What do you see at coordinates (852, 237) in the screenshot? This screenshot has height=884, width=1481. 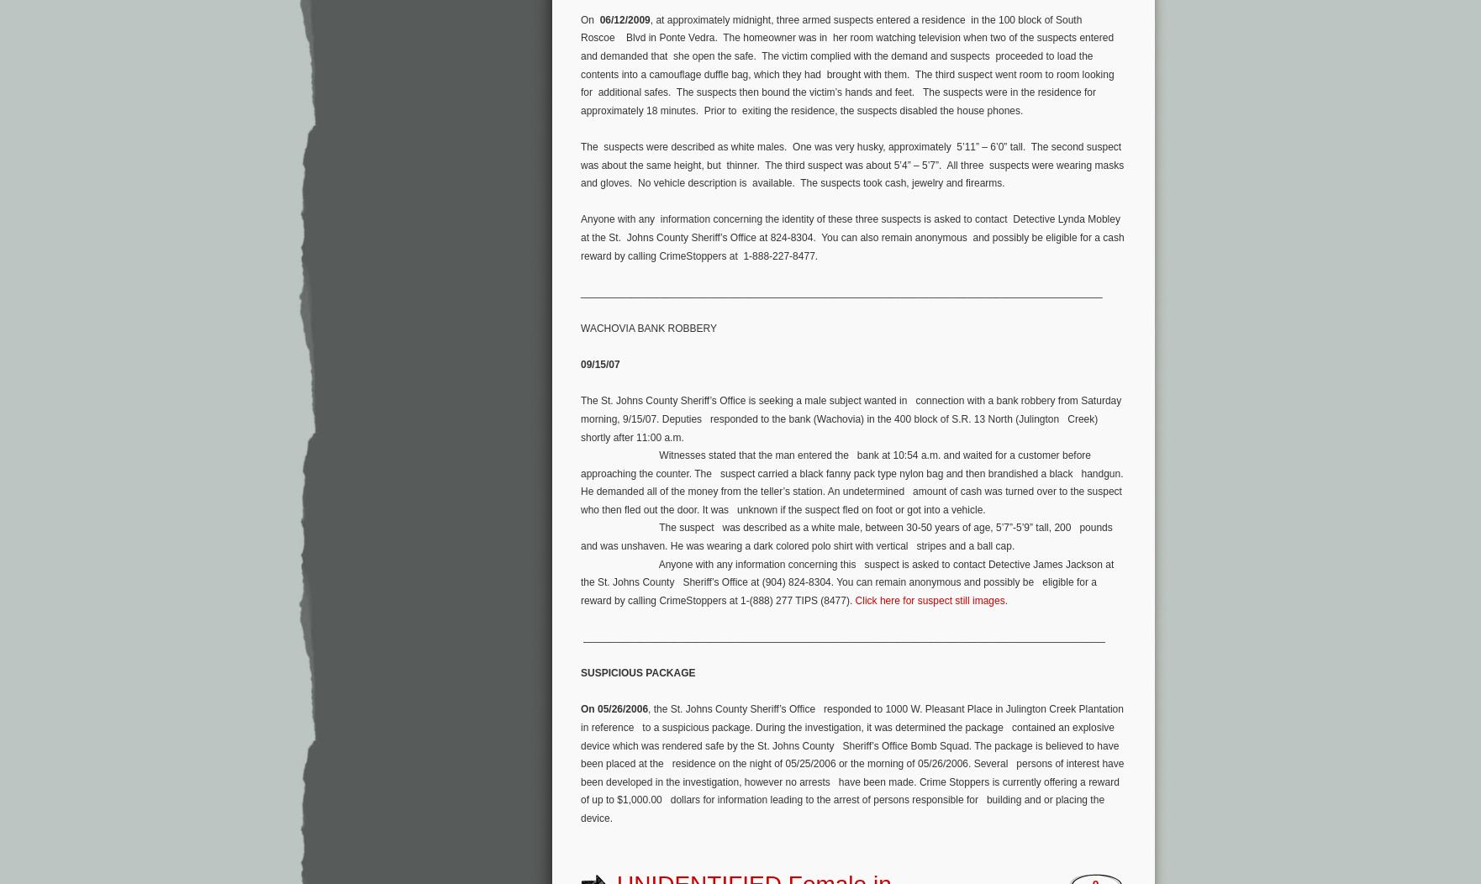 I see `'Anyone with any  information concerning the identity of these three suspects is asked to contact  Detective Lynda Mobley at the St.  Johns County Sheriff’s Office at 824-8304.  You can also remain anonymous  and possibly be eligible for a cash reward by calling CrimeStoppers at  1-888-227-8477.'` at bounding box center [852, 237].